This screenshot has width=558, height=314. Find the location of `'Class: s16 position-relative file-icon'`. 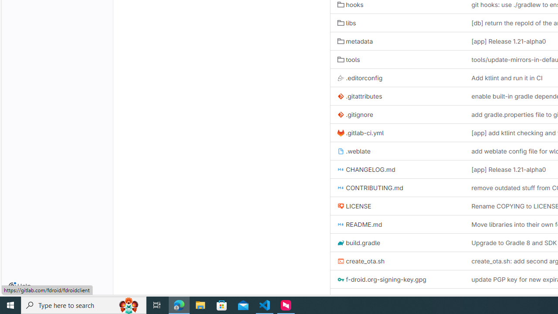

'Class: s16 position-relative file-icon' is located at coordinates (340, 297).